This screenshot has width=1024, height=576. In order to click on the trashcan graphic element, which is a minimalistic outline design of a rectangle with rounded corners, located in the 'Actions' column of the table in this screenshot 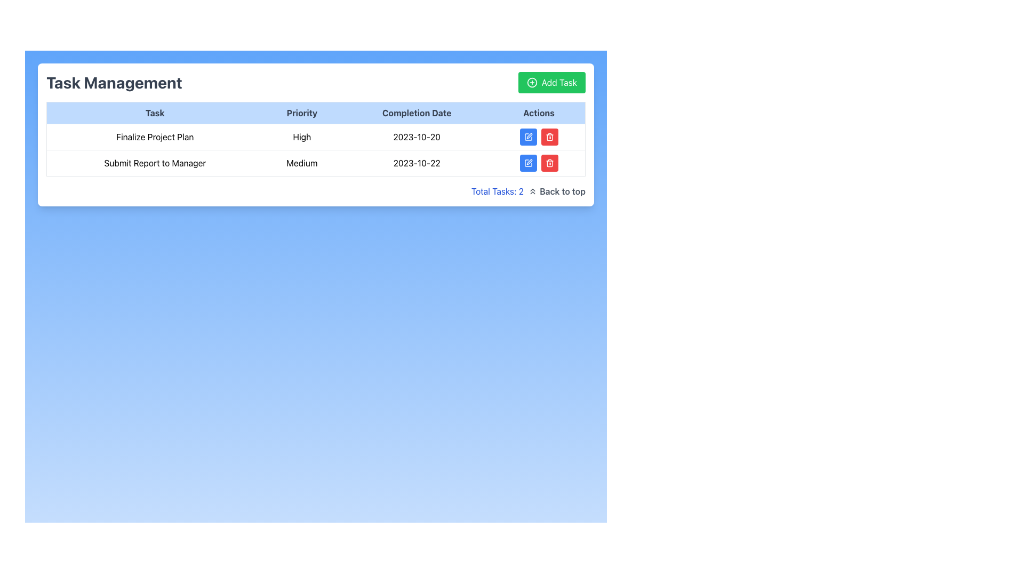, I will do `click(549, 164)`.